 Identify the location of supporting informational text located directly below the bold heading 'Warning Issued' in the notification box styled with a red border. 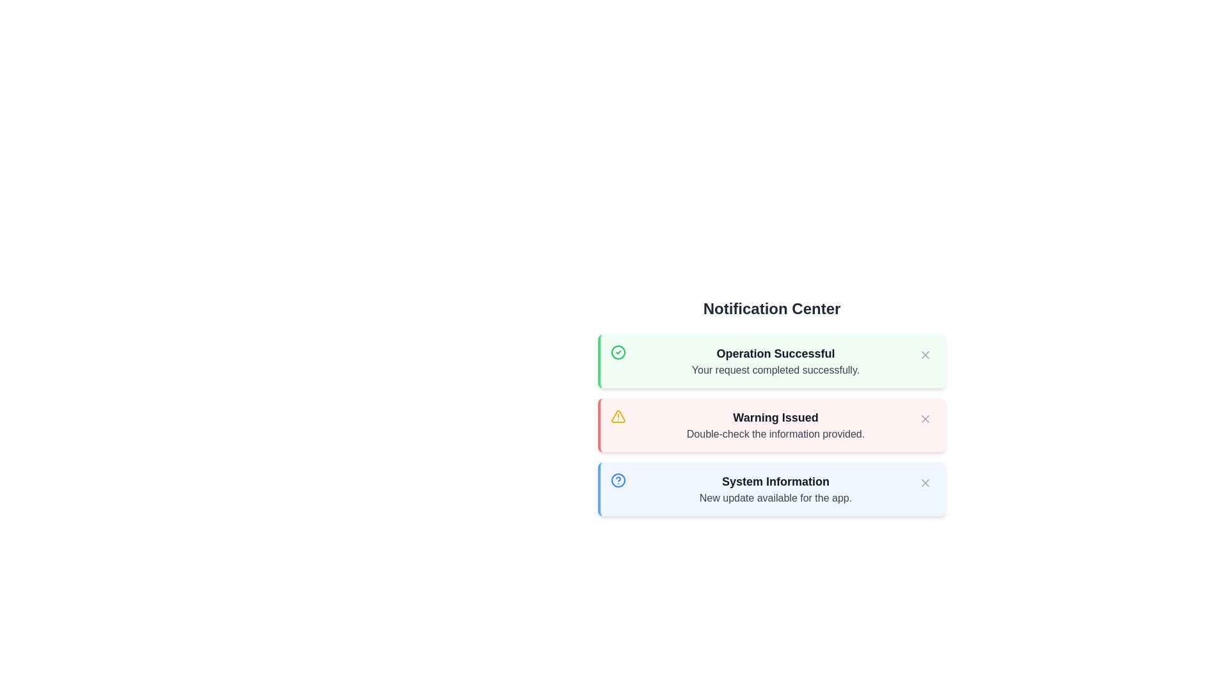
(775, 433).